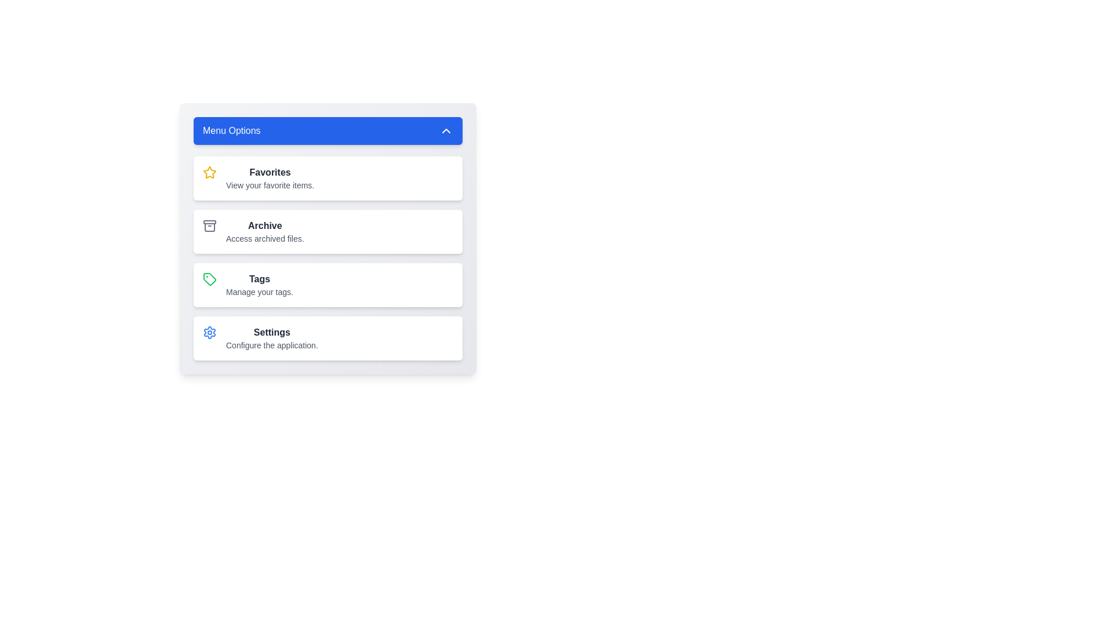 Image resolution: width=1113 pixels, height=626 pixels. Describe the element at coordinates (259, 292) in the screenshot. I see `the Text Label that provides a brief description for the 'Tags' menu option, located below the 'Tags' header` at that location.